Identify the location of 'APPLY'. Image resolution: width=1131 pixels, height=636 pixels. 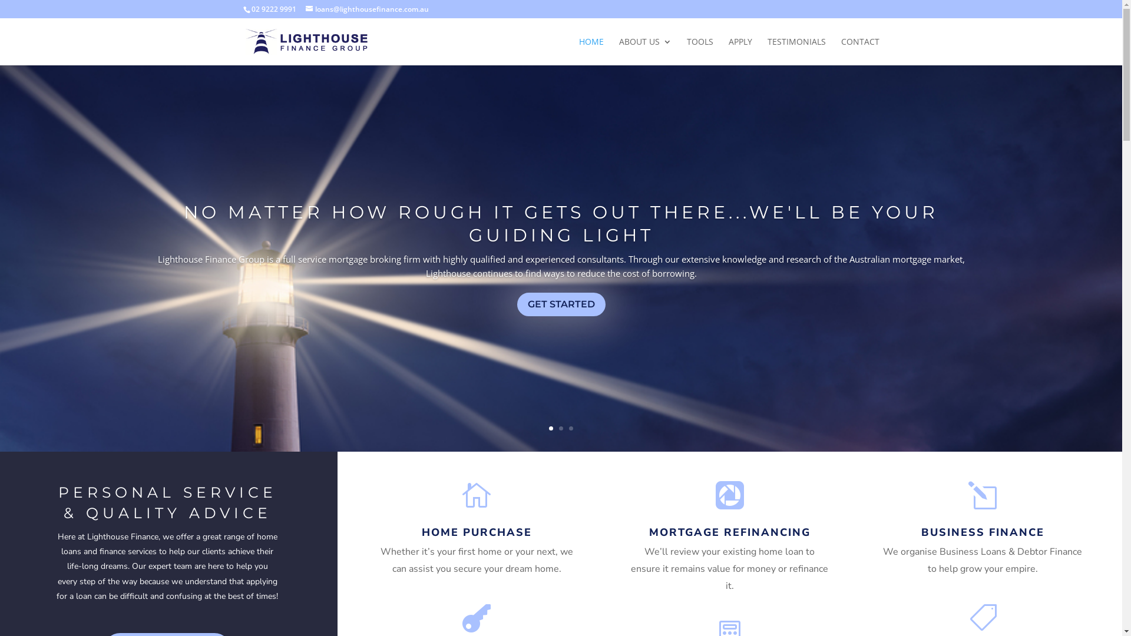
(739, 51).